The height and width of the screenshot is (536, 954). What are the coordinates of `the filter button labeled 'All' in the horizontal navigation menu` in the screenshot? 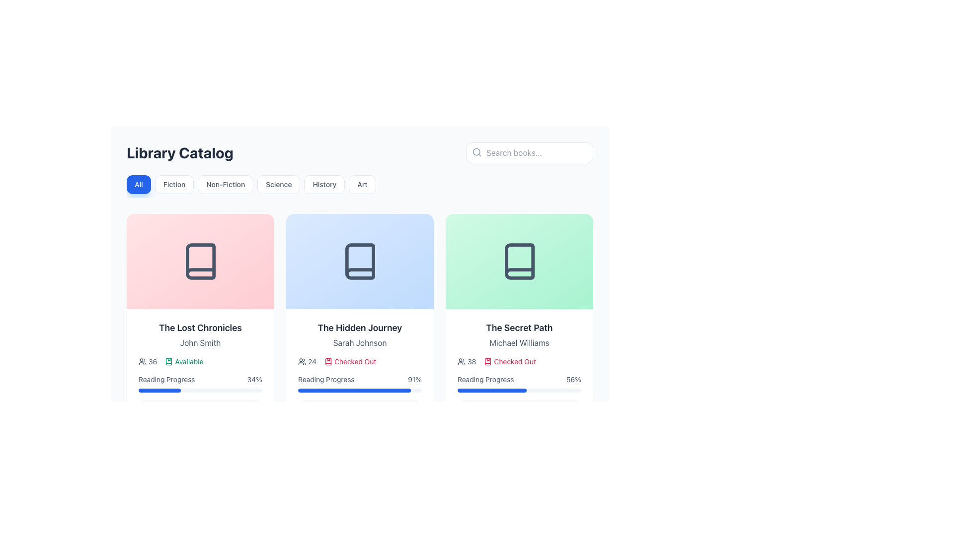 It's located at (138, 184).